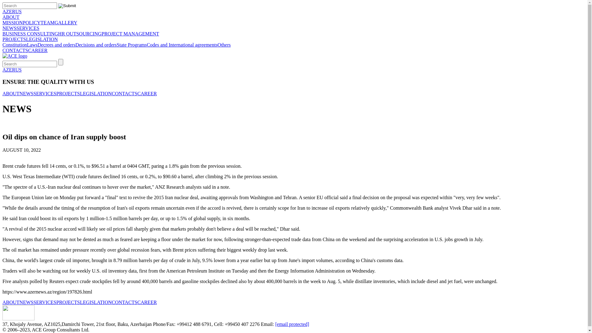 The width and height of the screenshot is (592, 333). I want to click on '[email protected]', so click(275, 324).